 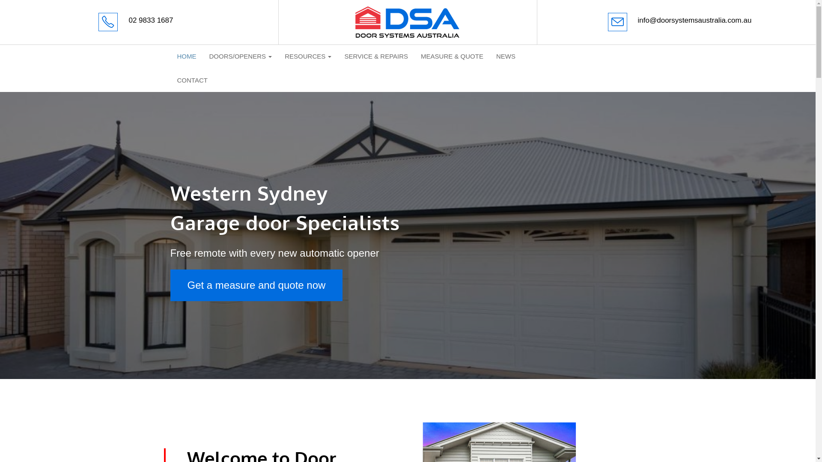 I want to click on 'NEWS', so click(x=506, y=56).